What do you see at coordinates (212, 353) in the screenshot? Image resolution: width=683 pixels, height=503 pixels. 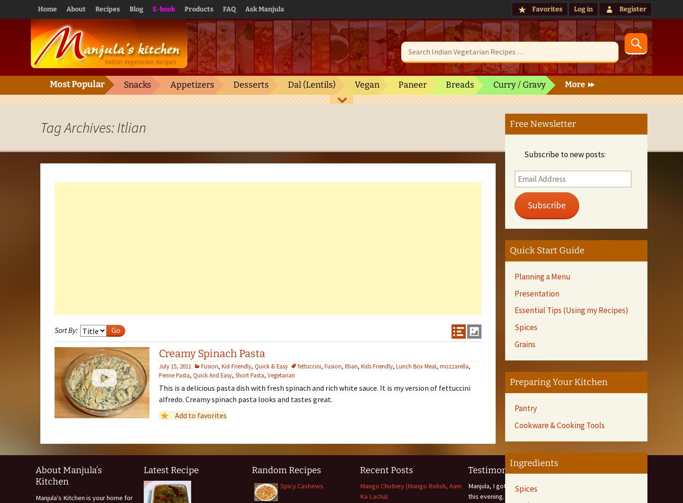 I see `'Creamy Spinach Pasta'` at bounding box center [212, 353].